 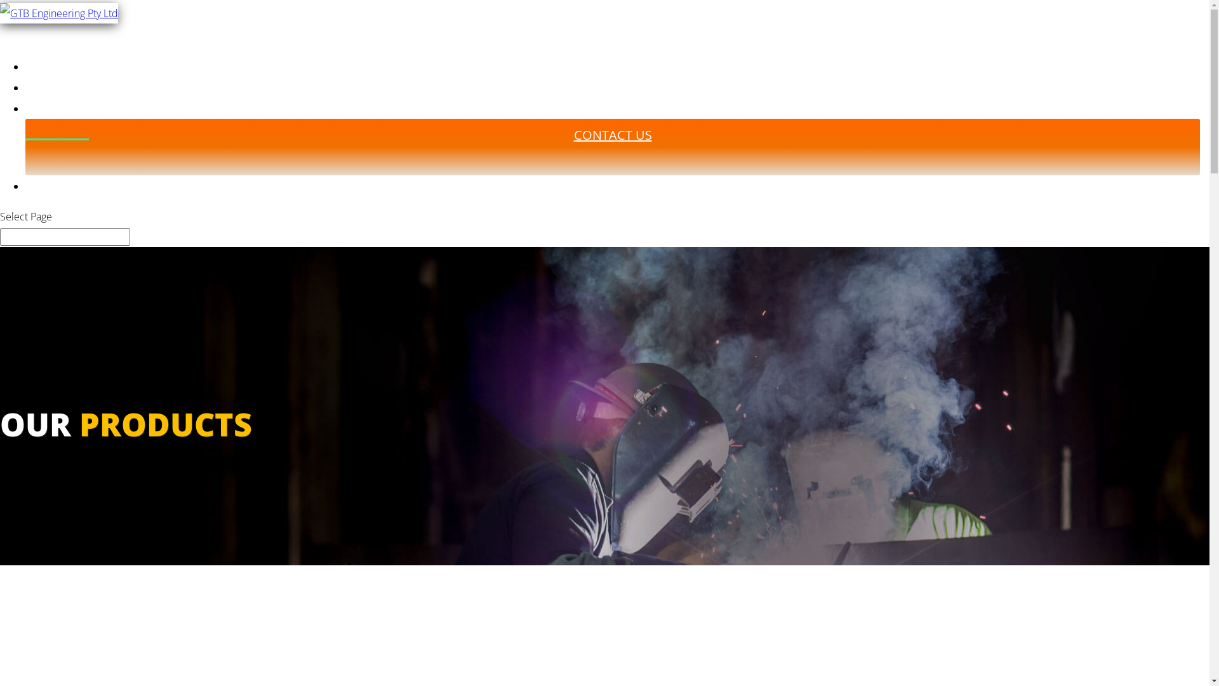 What do you see at coordinates (43, 76) in the screenshot?
I see `'HOME'` at bounding box center [43, 76].